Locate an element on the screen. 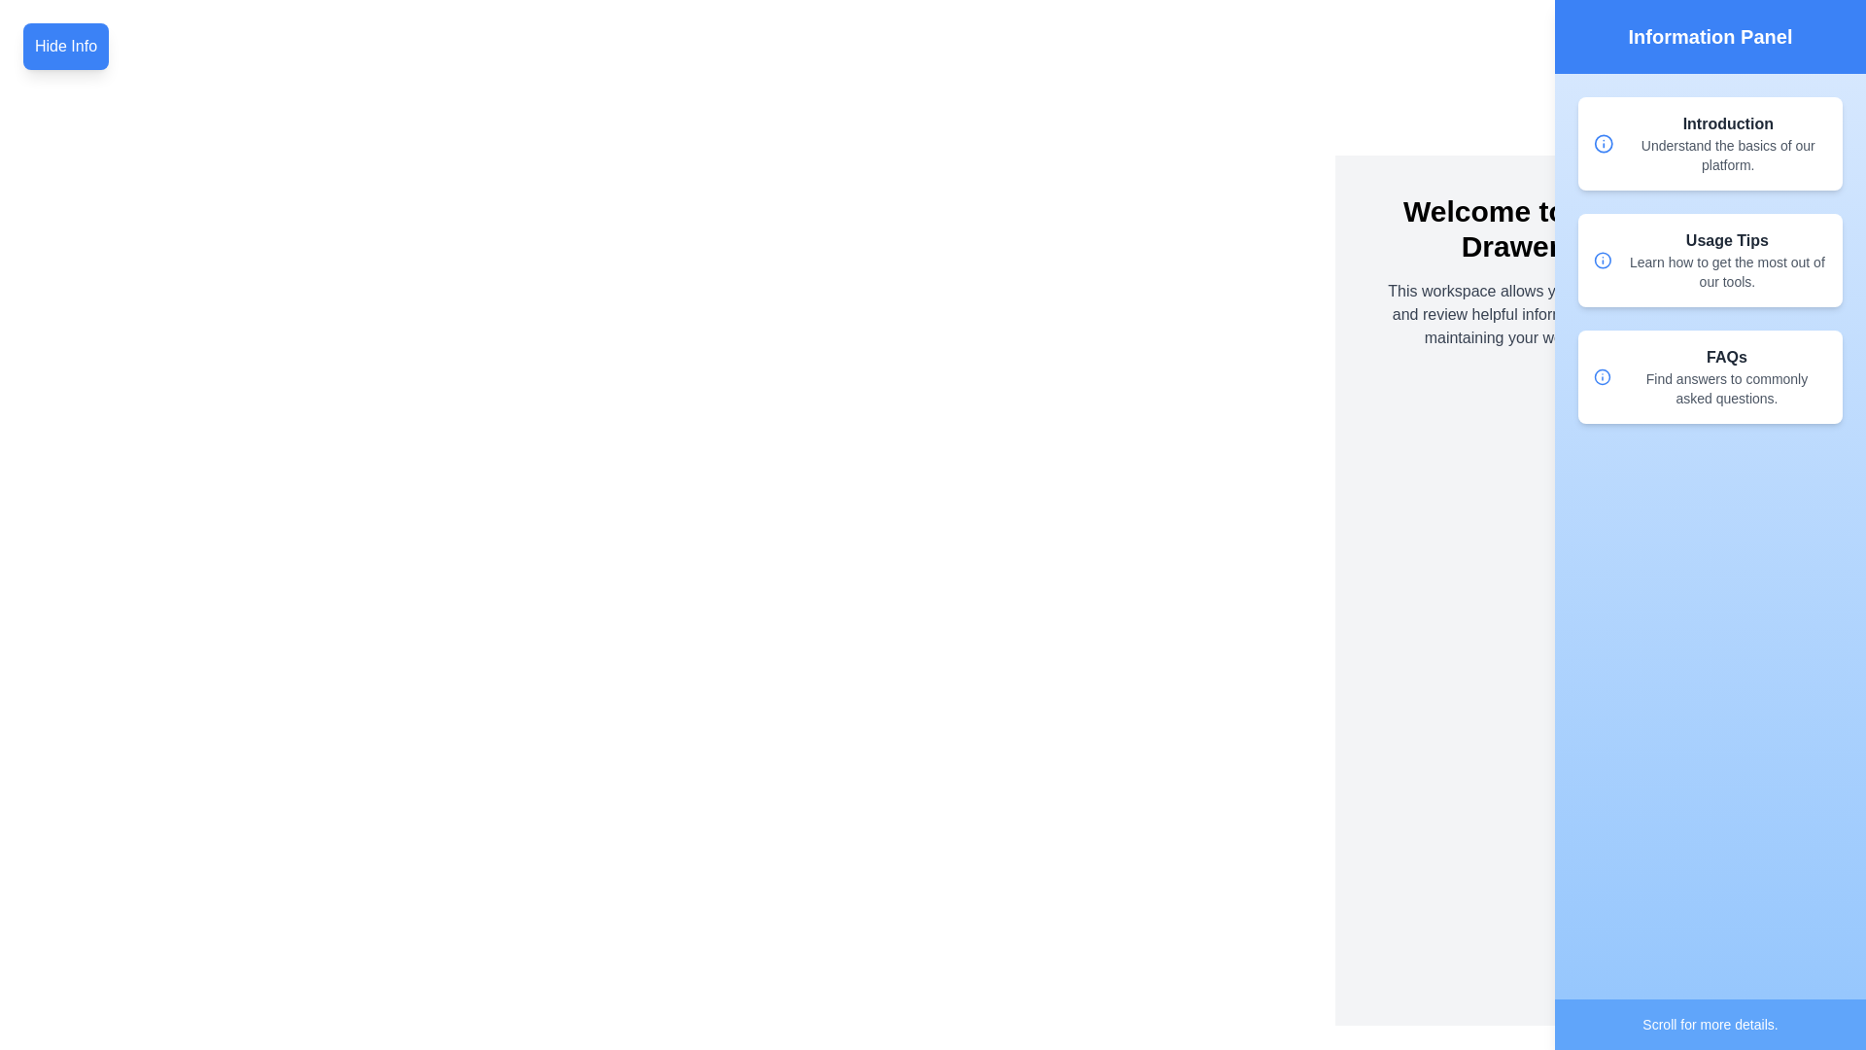  the informational card titled 'FAQs', which contains descriptive text about commonly asked questions, located in the right-side 'Information Panel' is located at coordinates (1726, 377).